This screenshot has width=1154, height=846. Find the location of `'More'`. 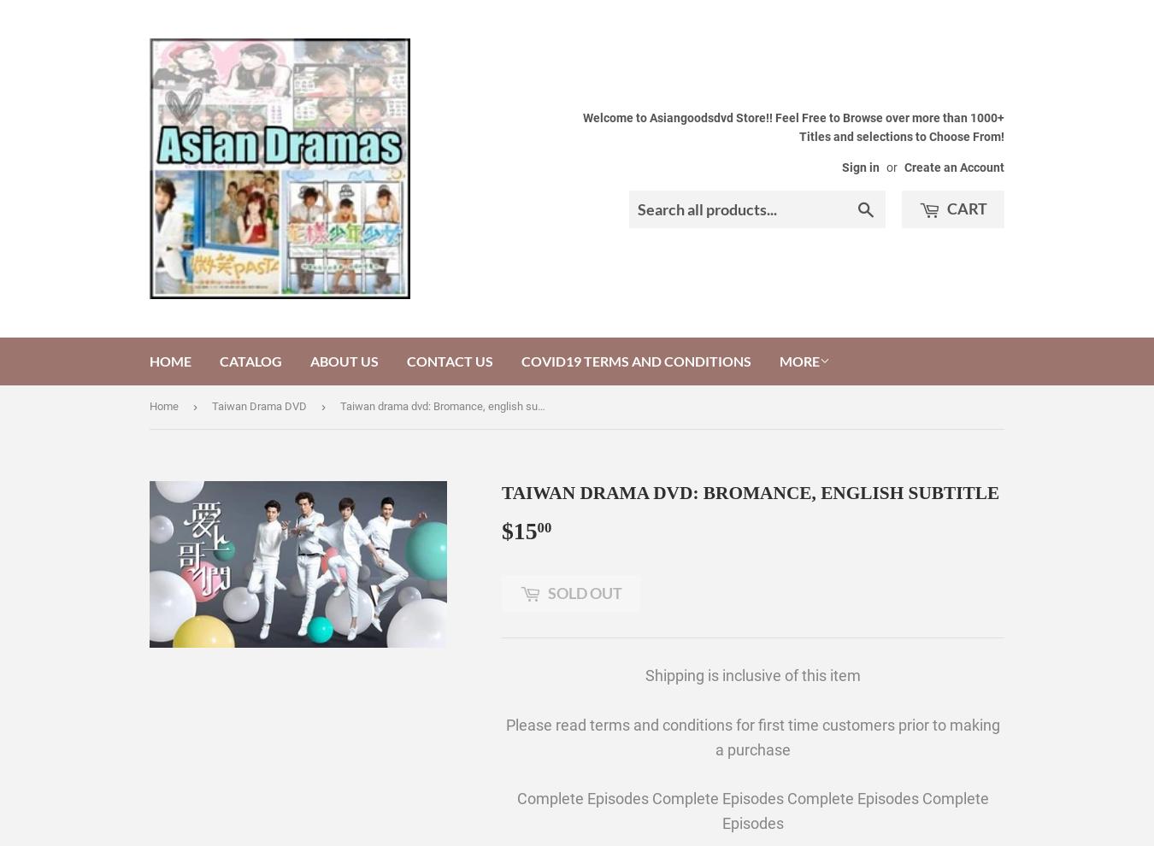

'More' is located at coordinates (798, 360).